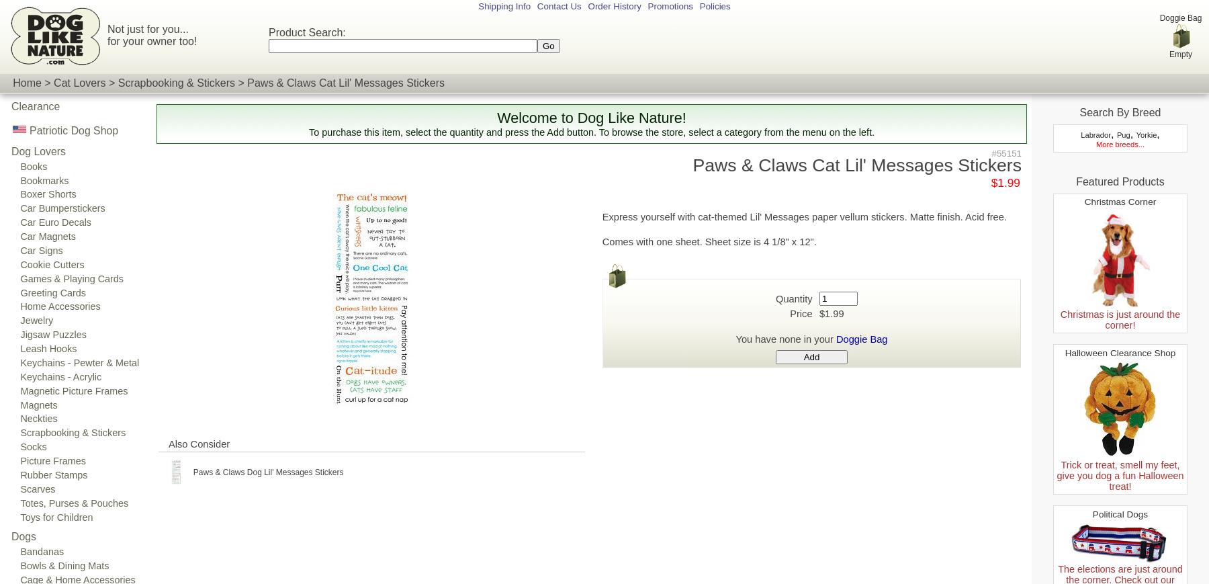 The image size is (1209, 584). Describe the element at coordinates (107, 40) in the screenshot. I see `'for your owner too!'` at that location.